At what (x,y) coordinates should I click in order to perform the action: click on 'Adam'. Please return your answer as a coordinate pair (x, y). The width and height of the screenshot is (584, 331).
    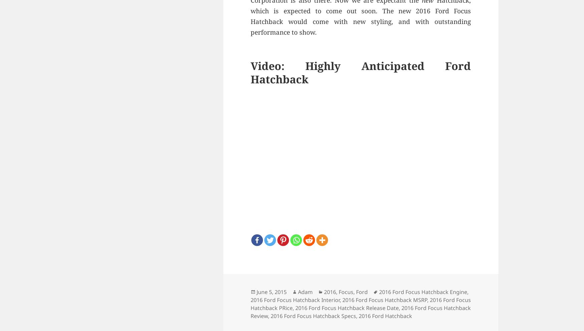
    Looking at the image, I should click on (305, 291).